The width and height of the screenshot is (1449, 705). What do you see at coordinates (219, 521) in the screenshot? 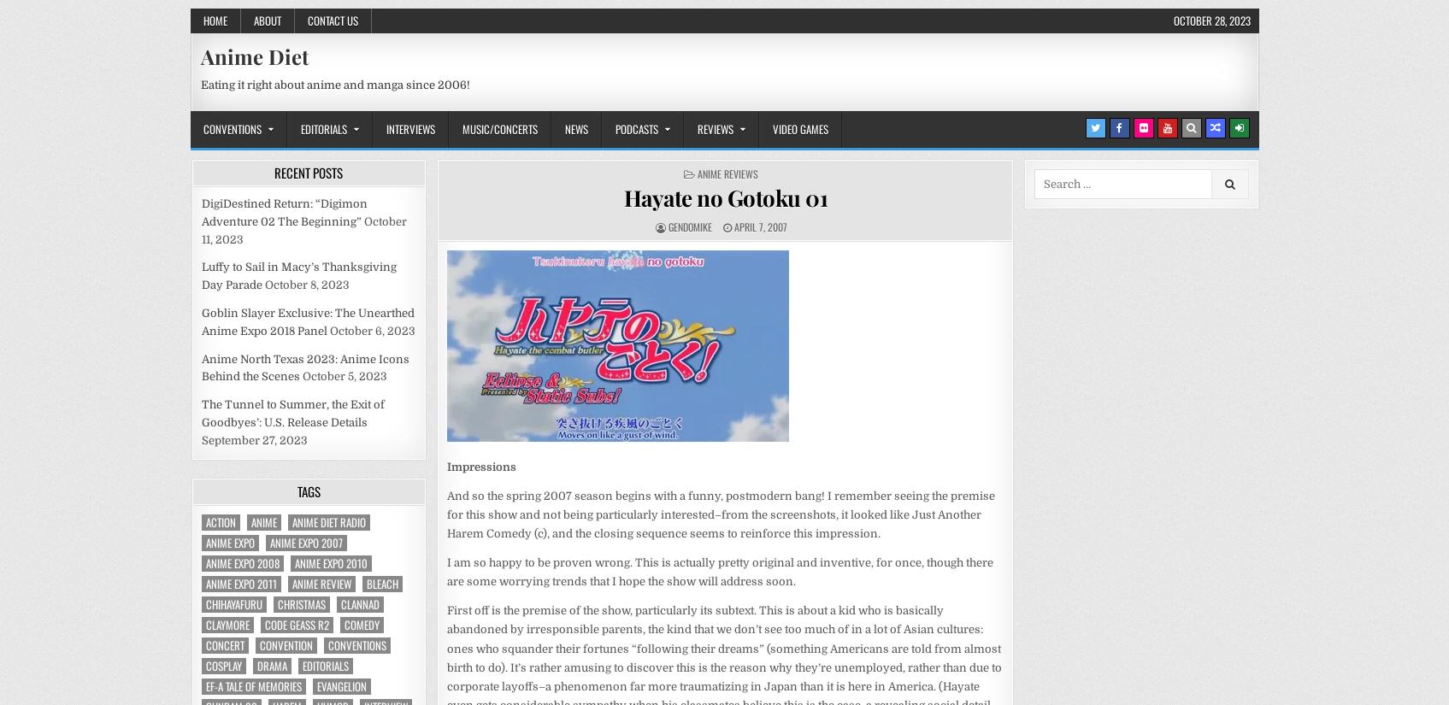
I see `'action'` at bounding box center [219, 521].